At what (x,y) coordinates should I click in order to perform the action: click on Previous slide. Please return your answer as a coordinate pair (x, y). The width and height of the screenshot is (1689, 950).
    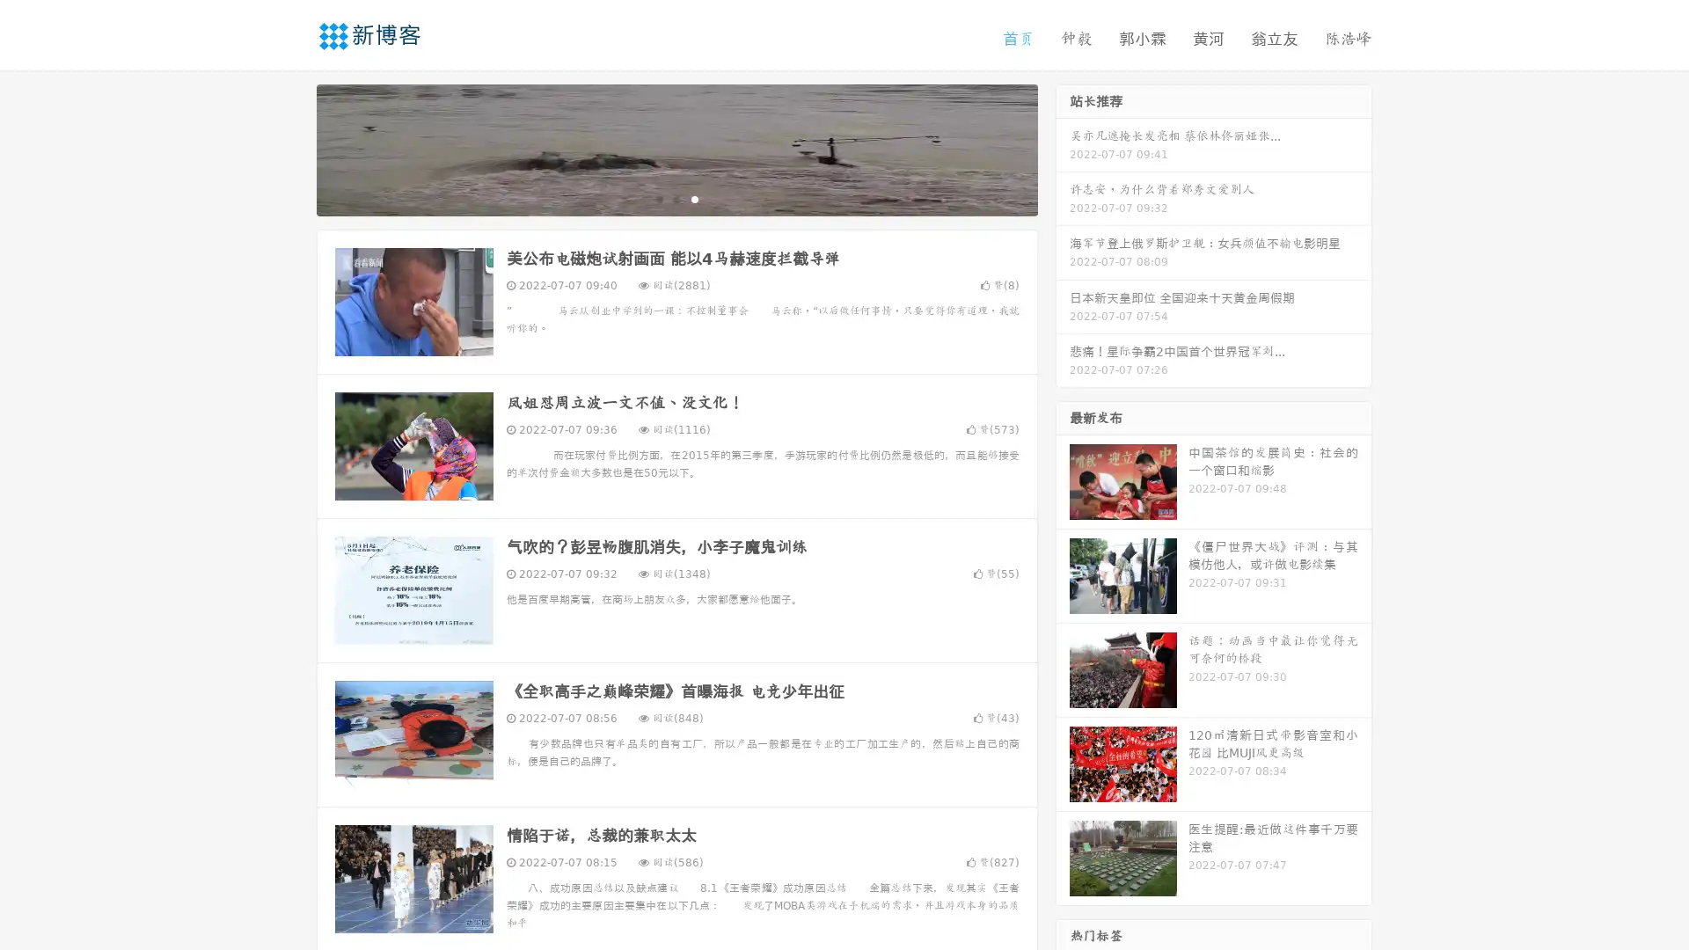
    Looking at the image, I should click on (290, 148).